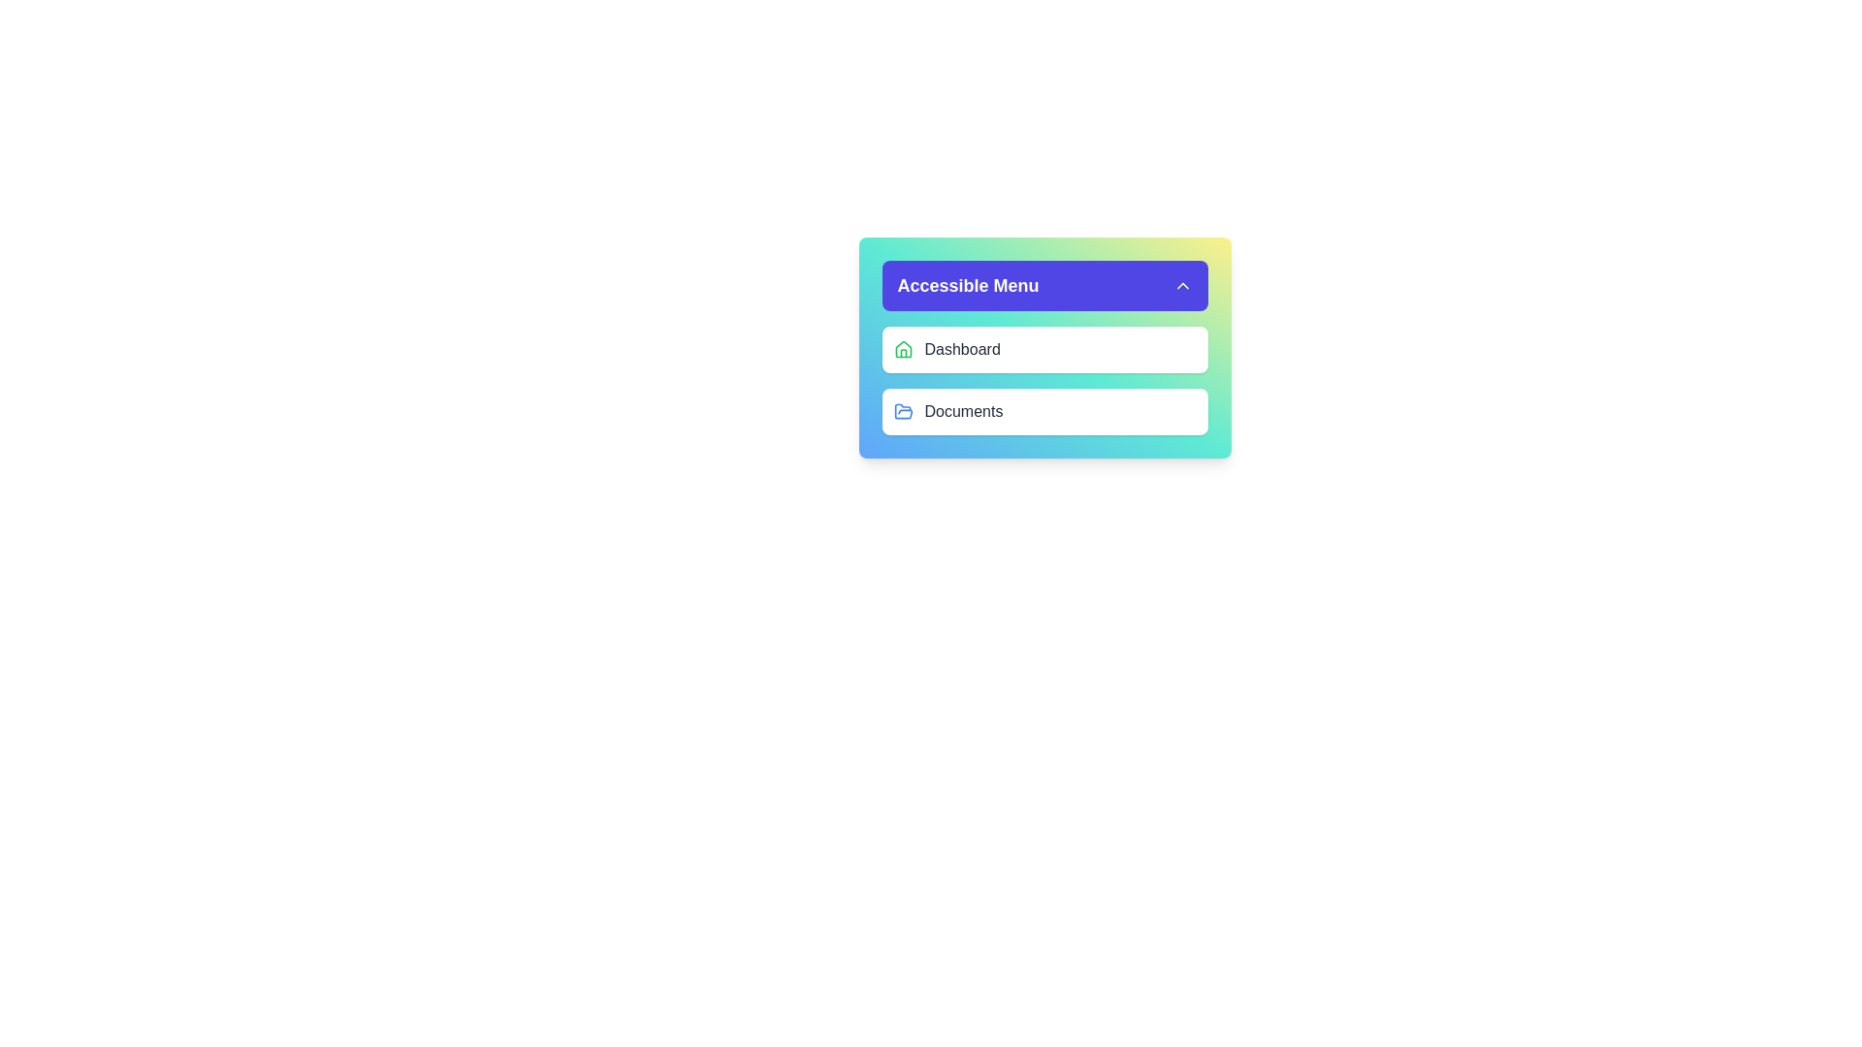 This screenshot has width=1862, height=1047. What do you see at coordinates (902, 410) in the screenshot?
I see `the open folder icon, which is blue with rounded edges, located next to the 'Documents' text in the menu options` at bounding box center [902, 410].